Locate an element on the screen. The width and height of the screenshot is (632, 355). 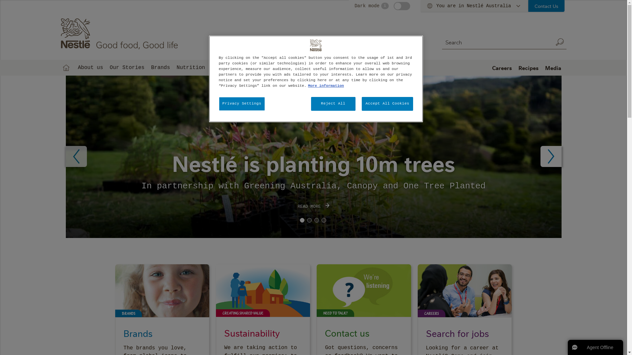
'Media' is located at coordinates (553, 67).